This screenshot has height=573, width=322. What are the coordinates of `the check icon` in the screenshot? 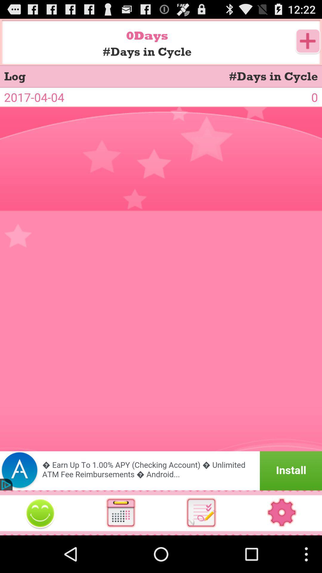 It's located at (201, 549).